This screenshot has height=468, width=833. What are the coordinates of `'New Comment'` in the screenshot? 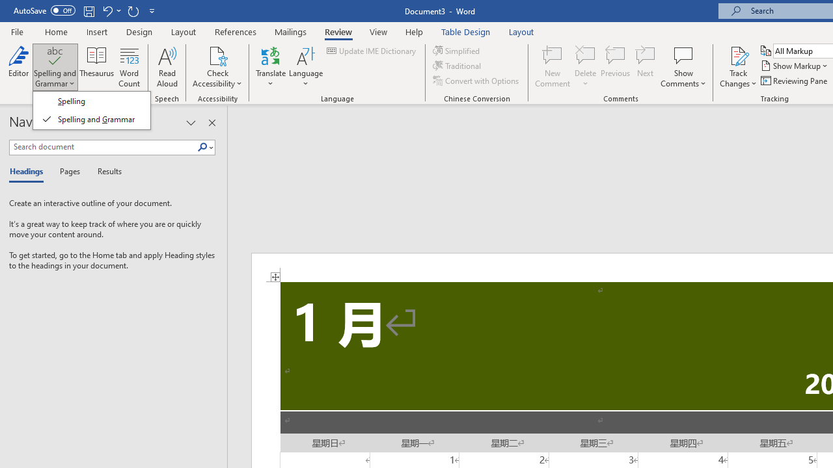 It's located at (553, 67).